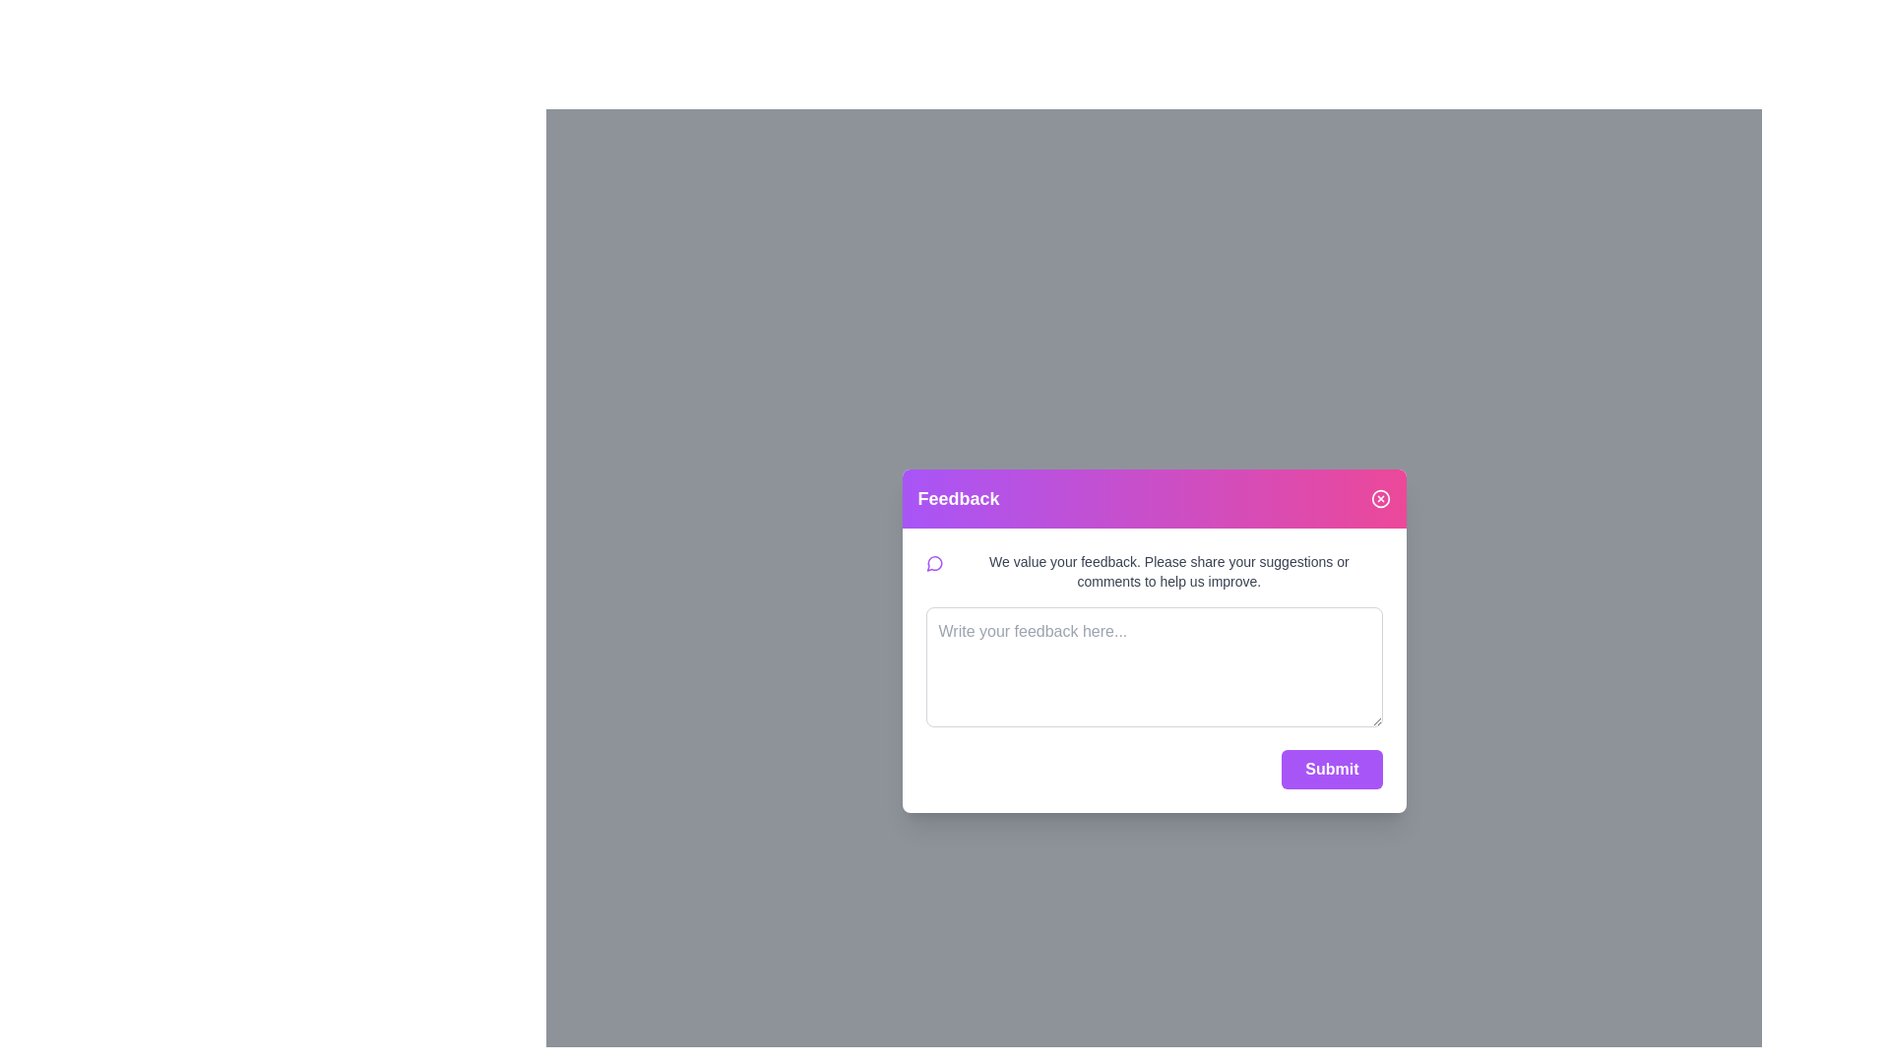 The width and height of the screenshot is (1890, 1063). What do you see at coordinates (1154, 665) in the screenshot?
I see `the feedback text area and type the desired feedback` at bounding box center [1154, 665].